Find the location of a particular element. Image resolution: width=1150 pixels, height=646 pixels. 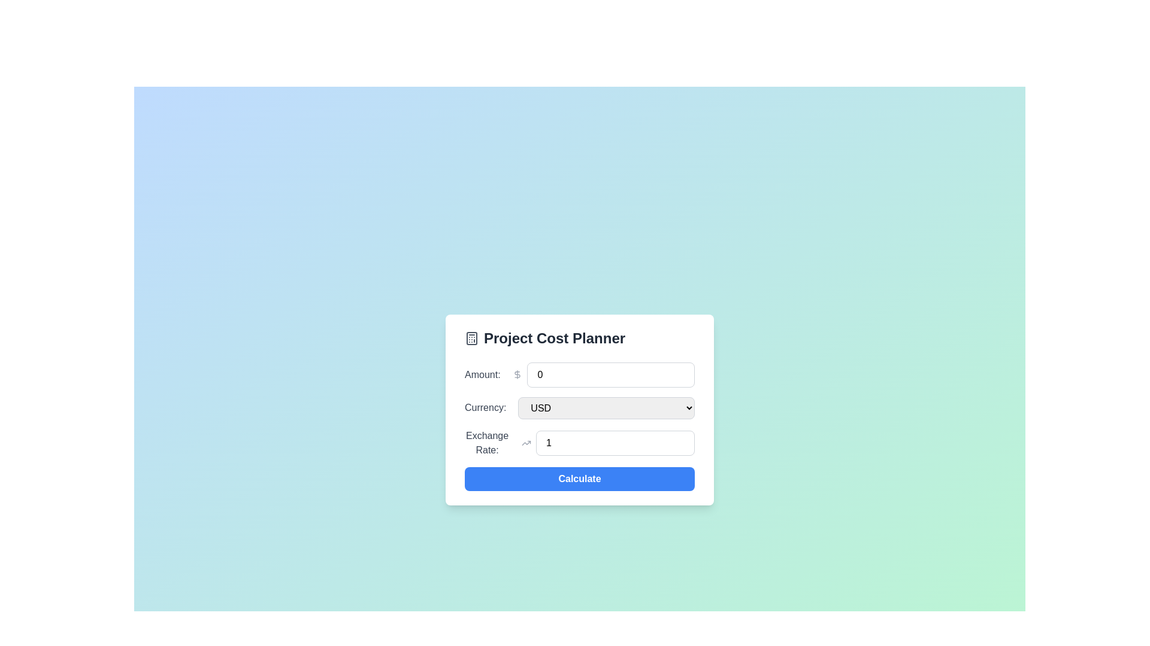

an option from the 'Currency:' dropdown menu which displays 'USD' and is located between the 'Amount:' input field and the 'Exchange Rate:' input field is located at coordinates (580, 407).